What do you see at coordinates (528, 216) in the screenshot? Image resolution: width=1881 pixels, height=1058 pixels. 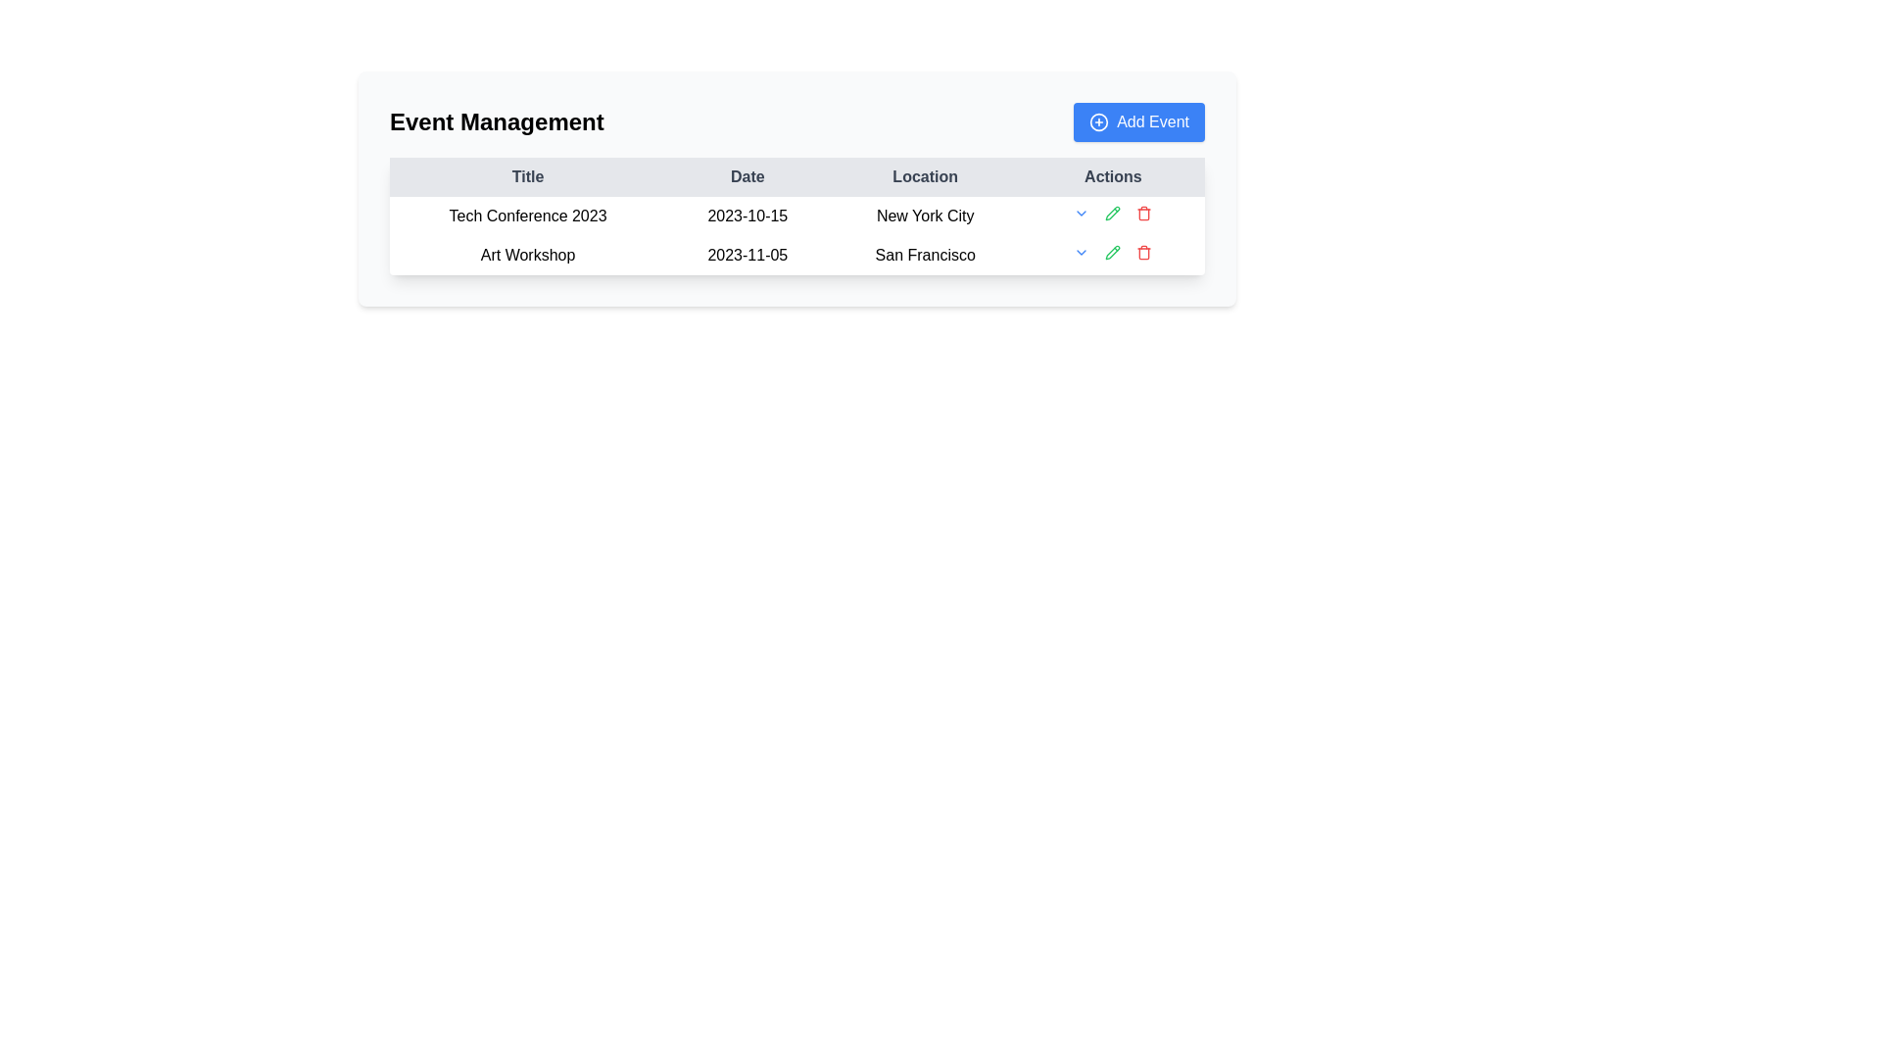 I see `the static text label displaying 'Tech Conference 2023' located in the first cell under the 'Title' column of the tabular data layout` at bounding box center [528, 216].